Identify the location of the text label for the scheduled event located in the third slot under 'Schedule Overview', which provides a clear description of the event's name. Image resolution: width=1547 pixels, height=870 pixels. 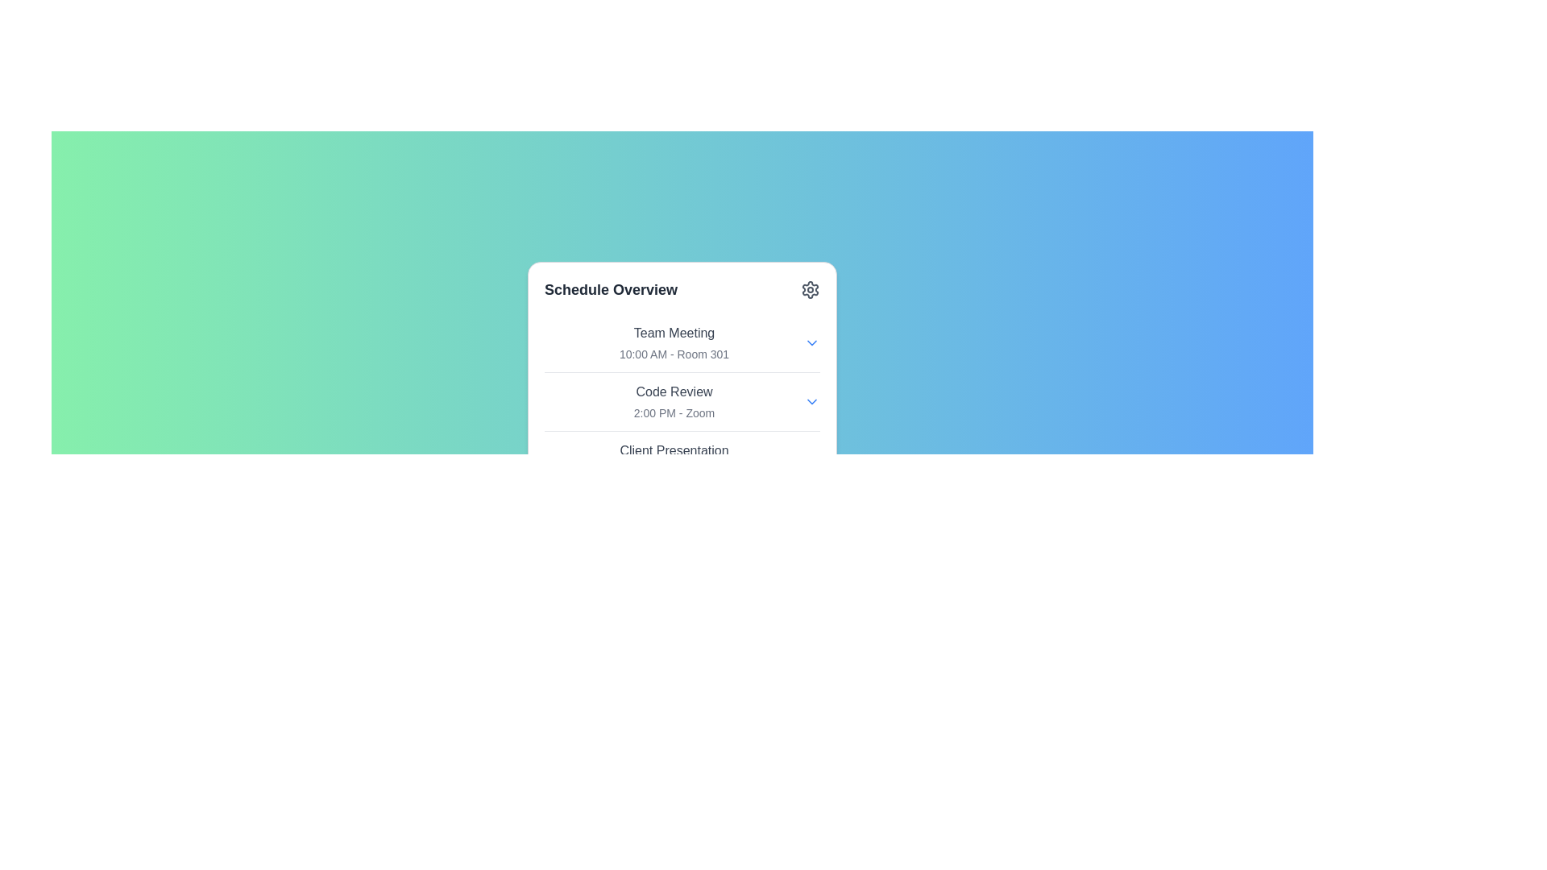
(674, 450).